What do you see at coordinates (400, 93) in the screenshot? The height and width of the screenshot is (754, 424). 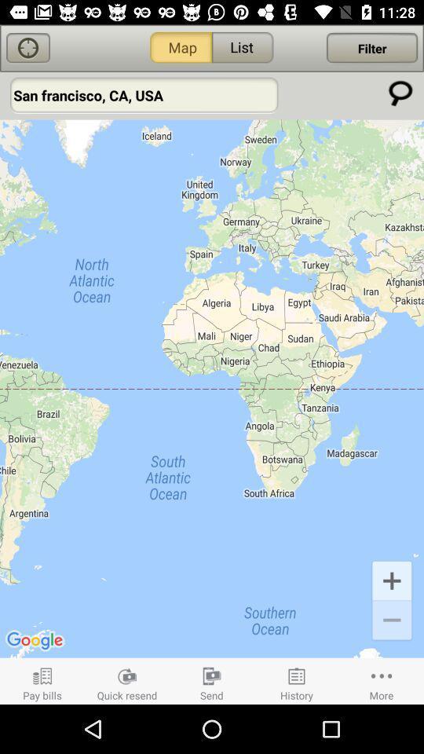 I see `search location` at bounding box center [400, 93].